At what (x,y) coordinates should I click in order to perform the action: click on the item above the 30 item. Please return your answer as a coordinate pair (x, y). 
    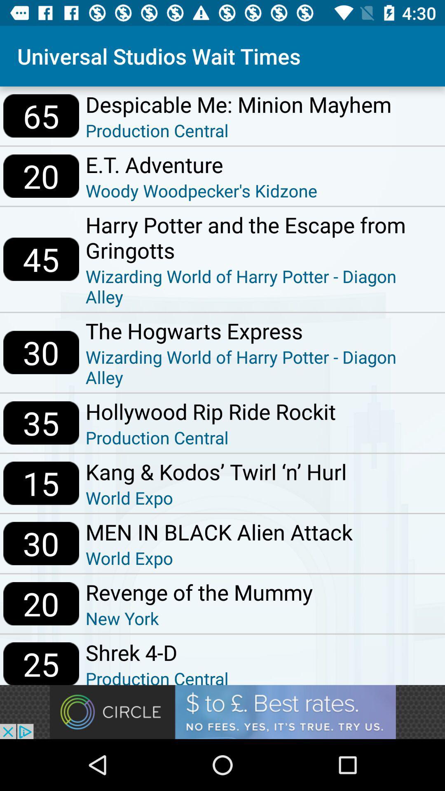
    Looking at the image, I should click on (41, 259).